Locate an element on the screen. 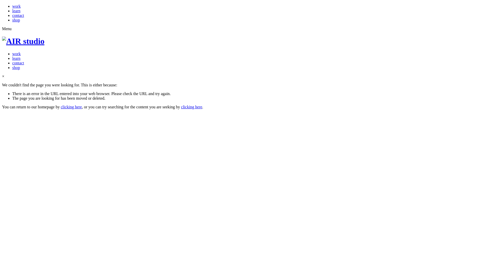 The width and height of the screenshot is (490, 276). 'Menu' is located at coordinates (7, 29).